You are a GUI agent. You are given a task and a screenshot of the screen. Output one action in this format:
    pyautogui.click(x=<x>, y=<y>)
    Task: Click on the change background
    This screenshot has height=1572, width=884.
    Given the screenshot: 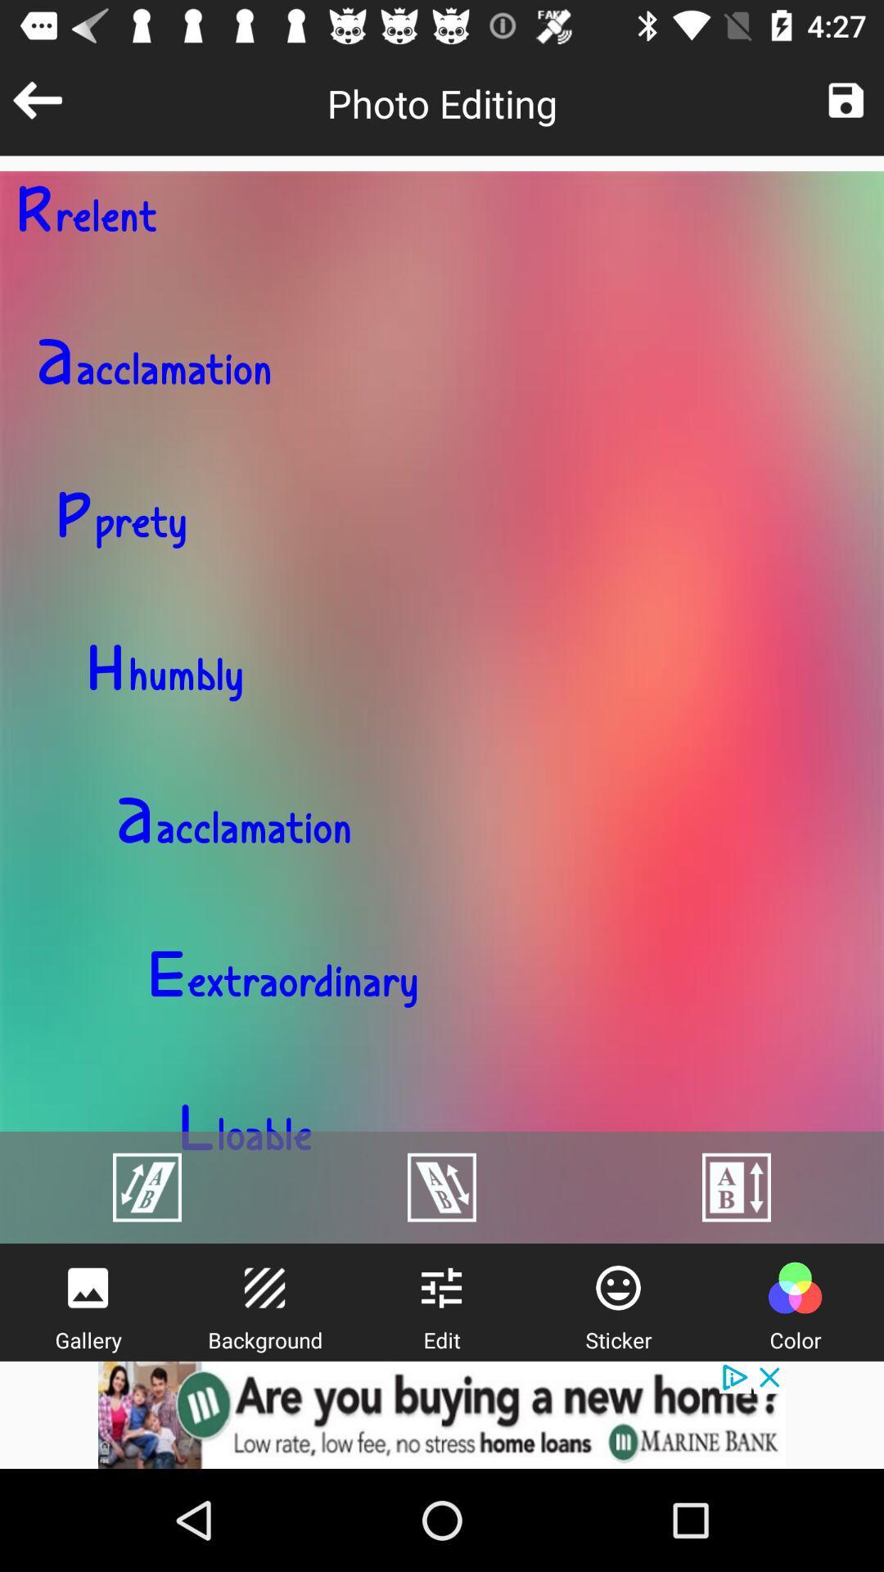 What is the action you would take?
    pyautogui.click(x=264, y=1287)
    